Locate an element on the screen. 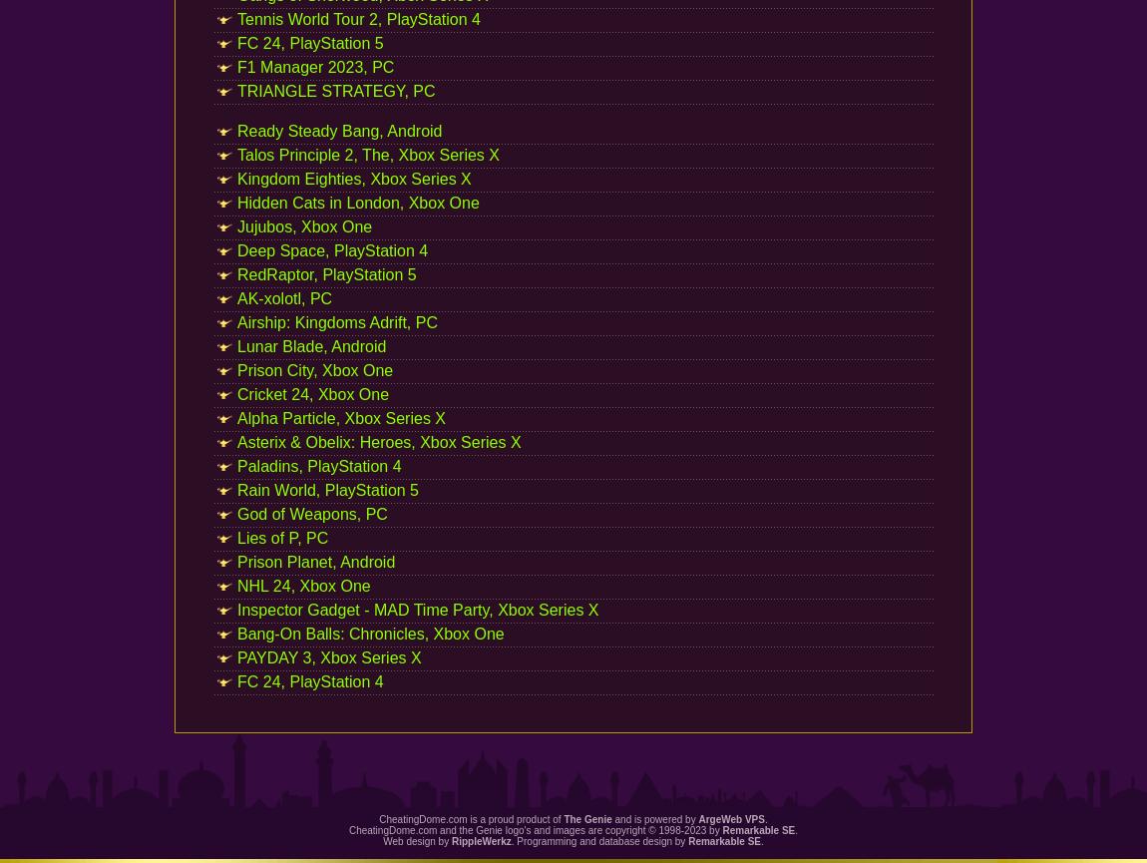 The height and width of the screenshot is (863, 1147). 'Bang-On Balls: Chronicles, Xbox One' is located at coordinates (236, 634).